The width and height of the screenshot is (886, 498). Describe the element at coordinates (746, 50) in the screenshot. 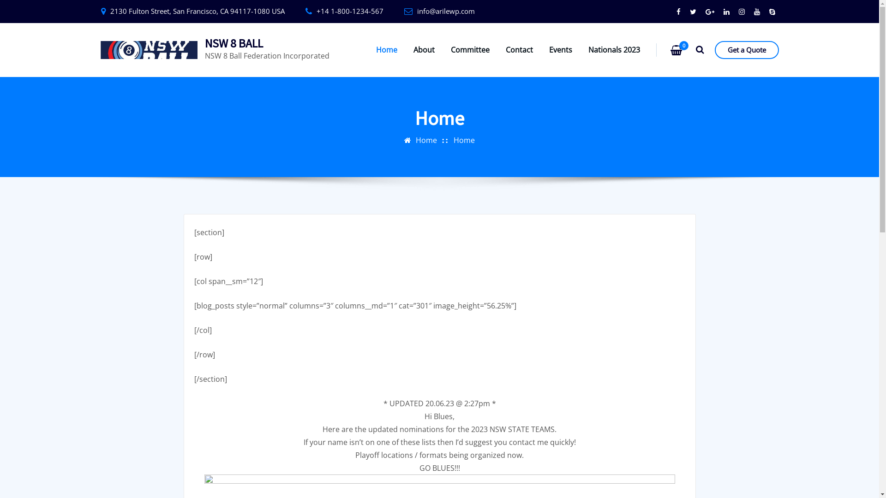

I see `'Get a Quote'` at that location.